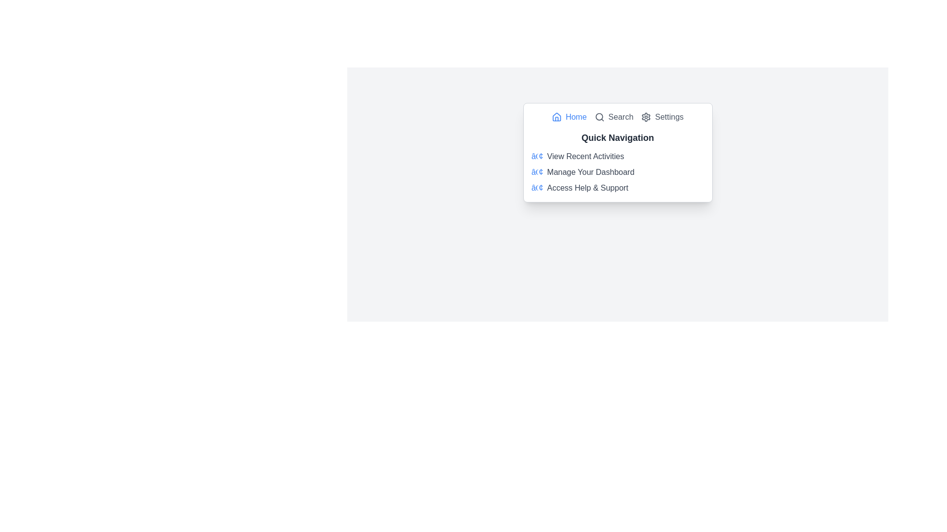  I want to click on the style or content of the bullet point marking the item 'View Recent Activities' in the Quick Navigation section, so click(537, 156).